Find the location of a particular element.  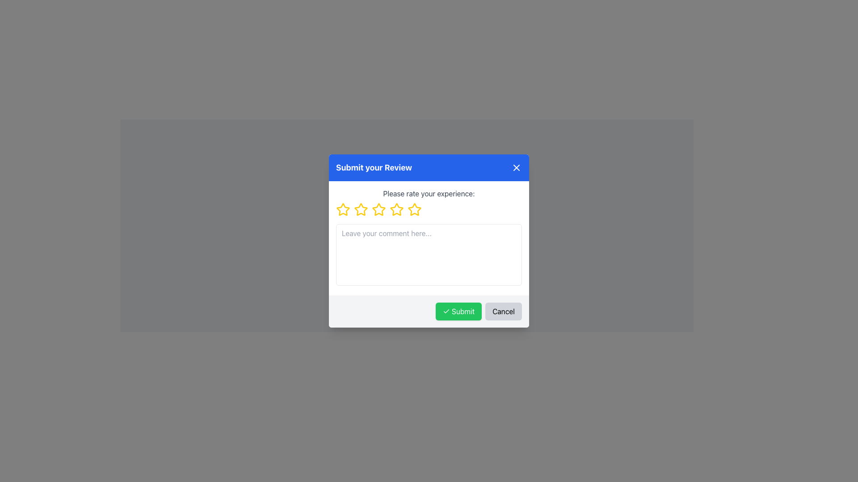

the first yellow outlined star icon in the rating system is located at coordinates (343, 210).